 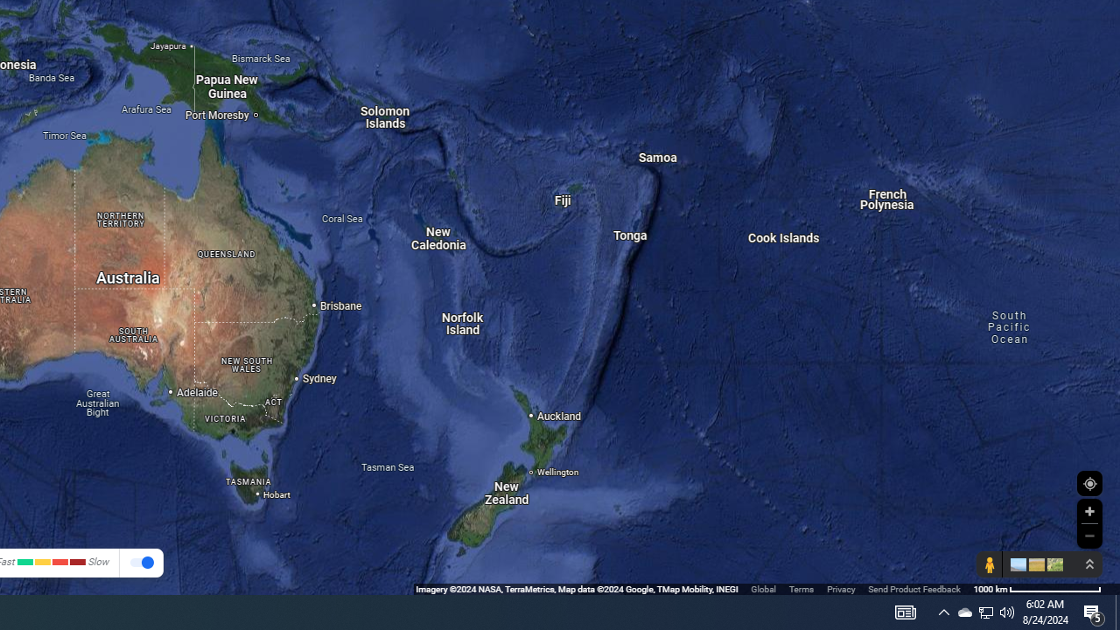 What do you see at coordinates (1088, 535) in the screenshot?
I see `'Zoom out'` at bounding box center [1088, 535].